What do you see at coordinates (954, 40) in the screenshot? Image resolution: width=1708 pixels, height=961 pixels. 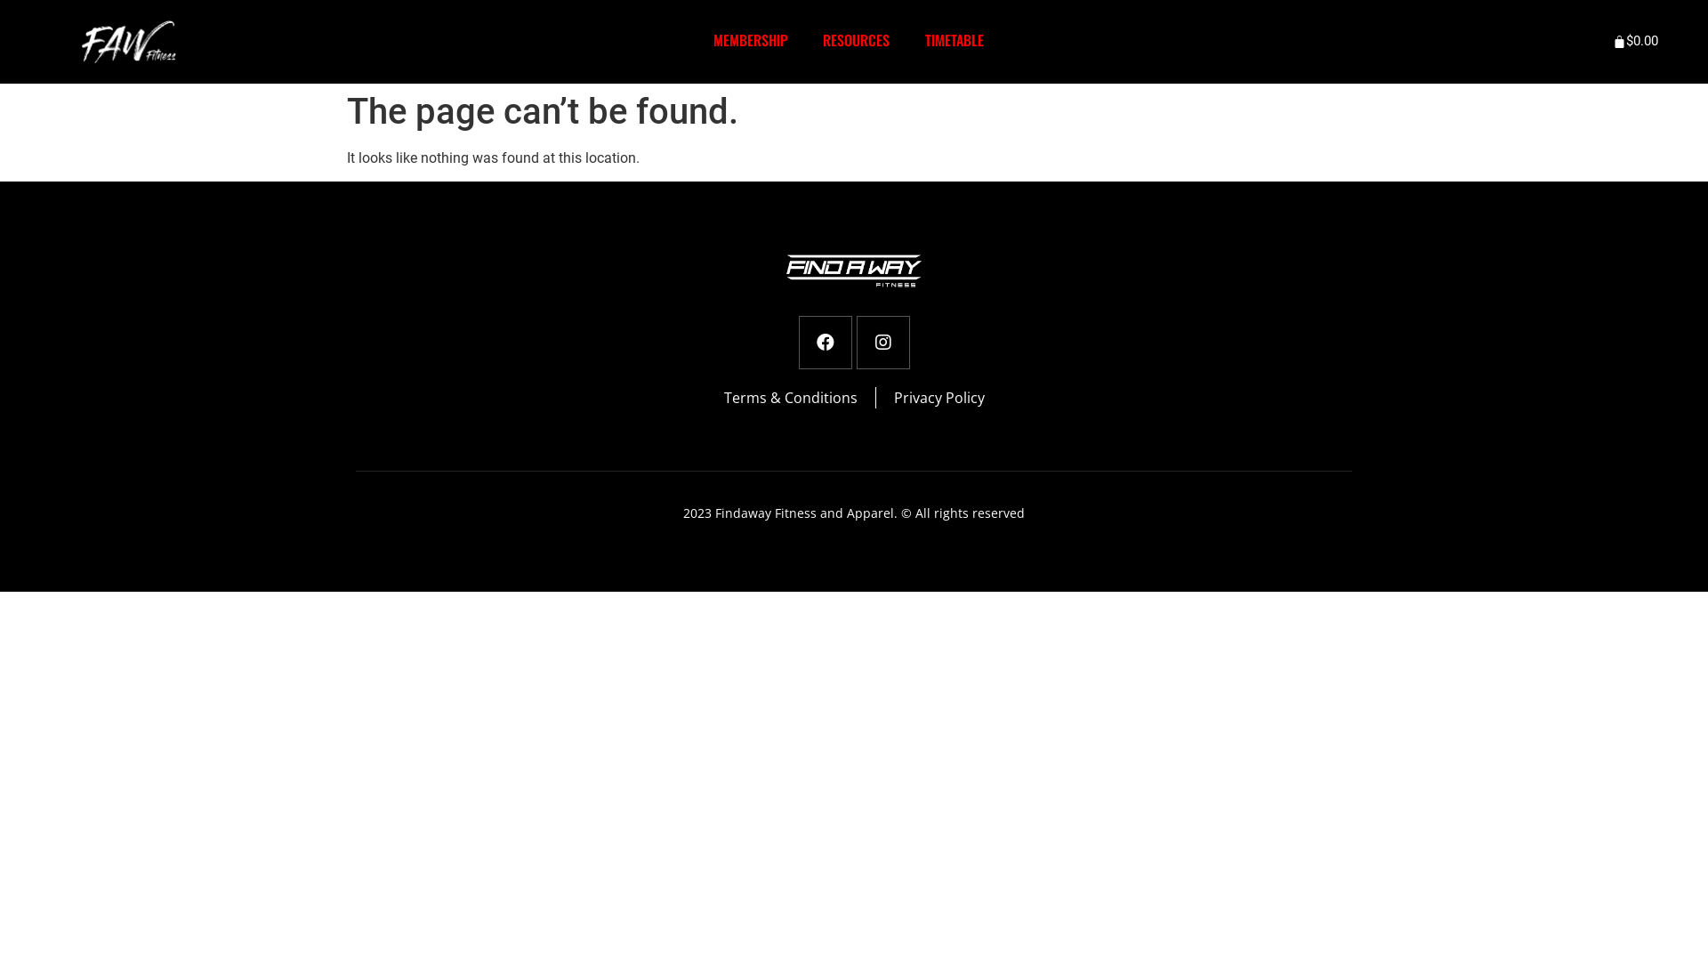 I see `'TIMETABLE'` at bounding box center [954, 40].